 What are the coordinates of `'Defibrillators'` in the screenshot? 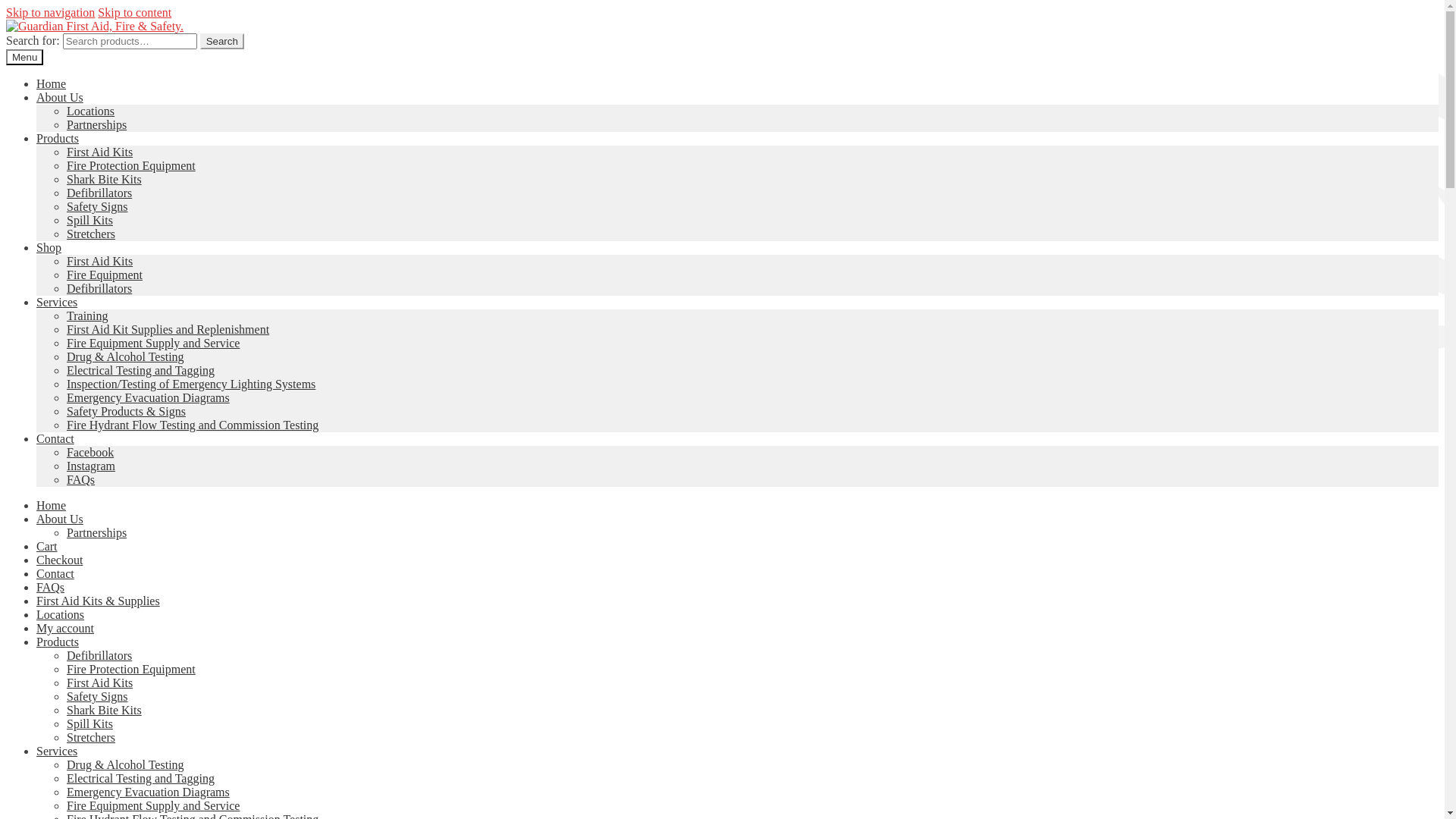 It's located at (98, 654).